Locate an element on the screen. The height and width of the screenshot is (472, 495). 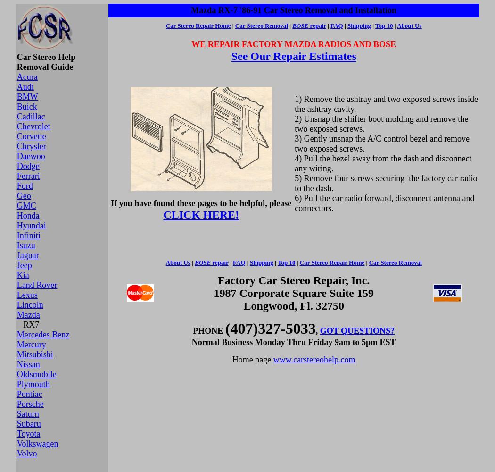
'Geo' is located at coordinates (23, 196).